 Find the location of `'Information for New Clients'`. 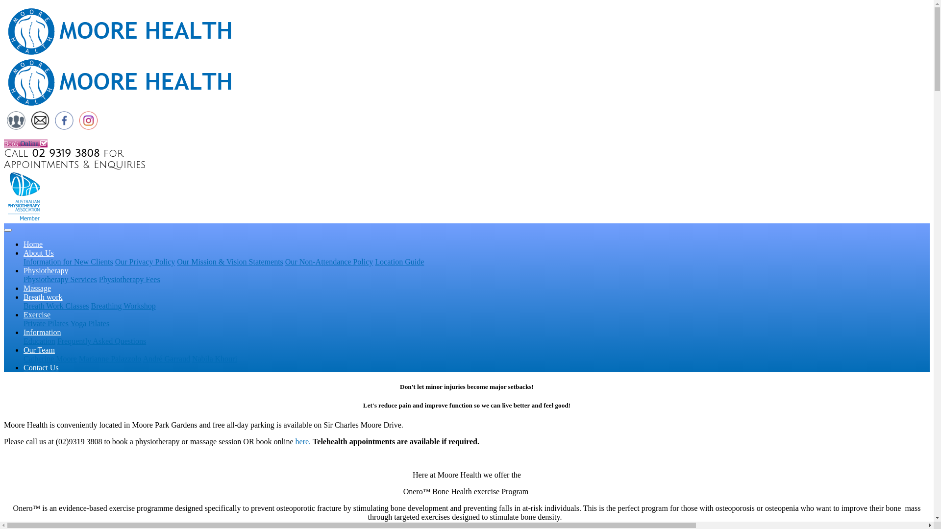

'Information for New Clients' is located at coordinates (68, 261).